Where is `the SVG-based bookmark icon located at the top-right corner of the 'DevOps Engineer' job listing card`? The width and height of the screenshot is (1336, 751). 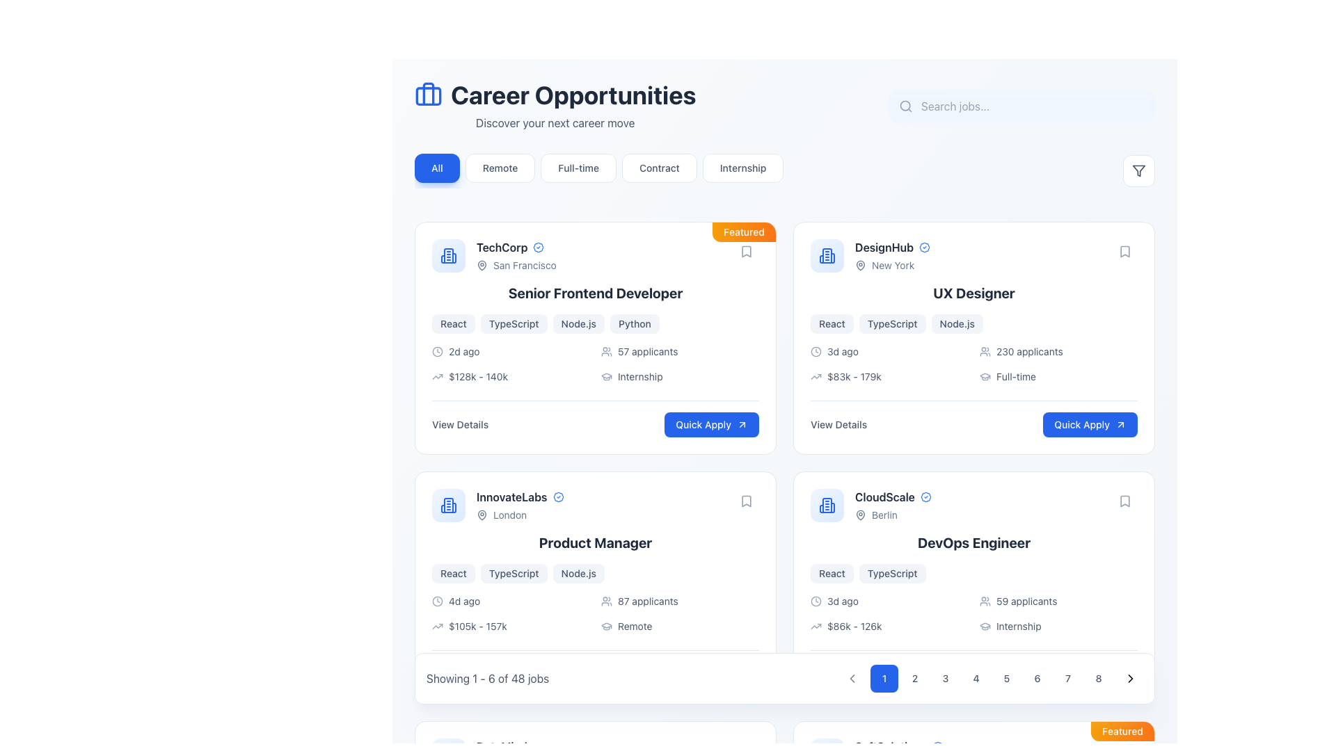 the SVG-based bookmark icon located at the top-right corner of the 'DevOps Engineer' job listing card is located at coordinates (1125, 501).